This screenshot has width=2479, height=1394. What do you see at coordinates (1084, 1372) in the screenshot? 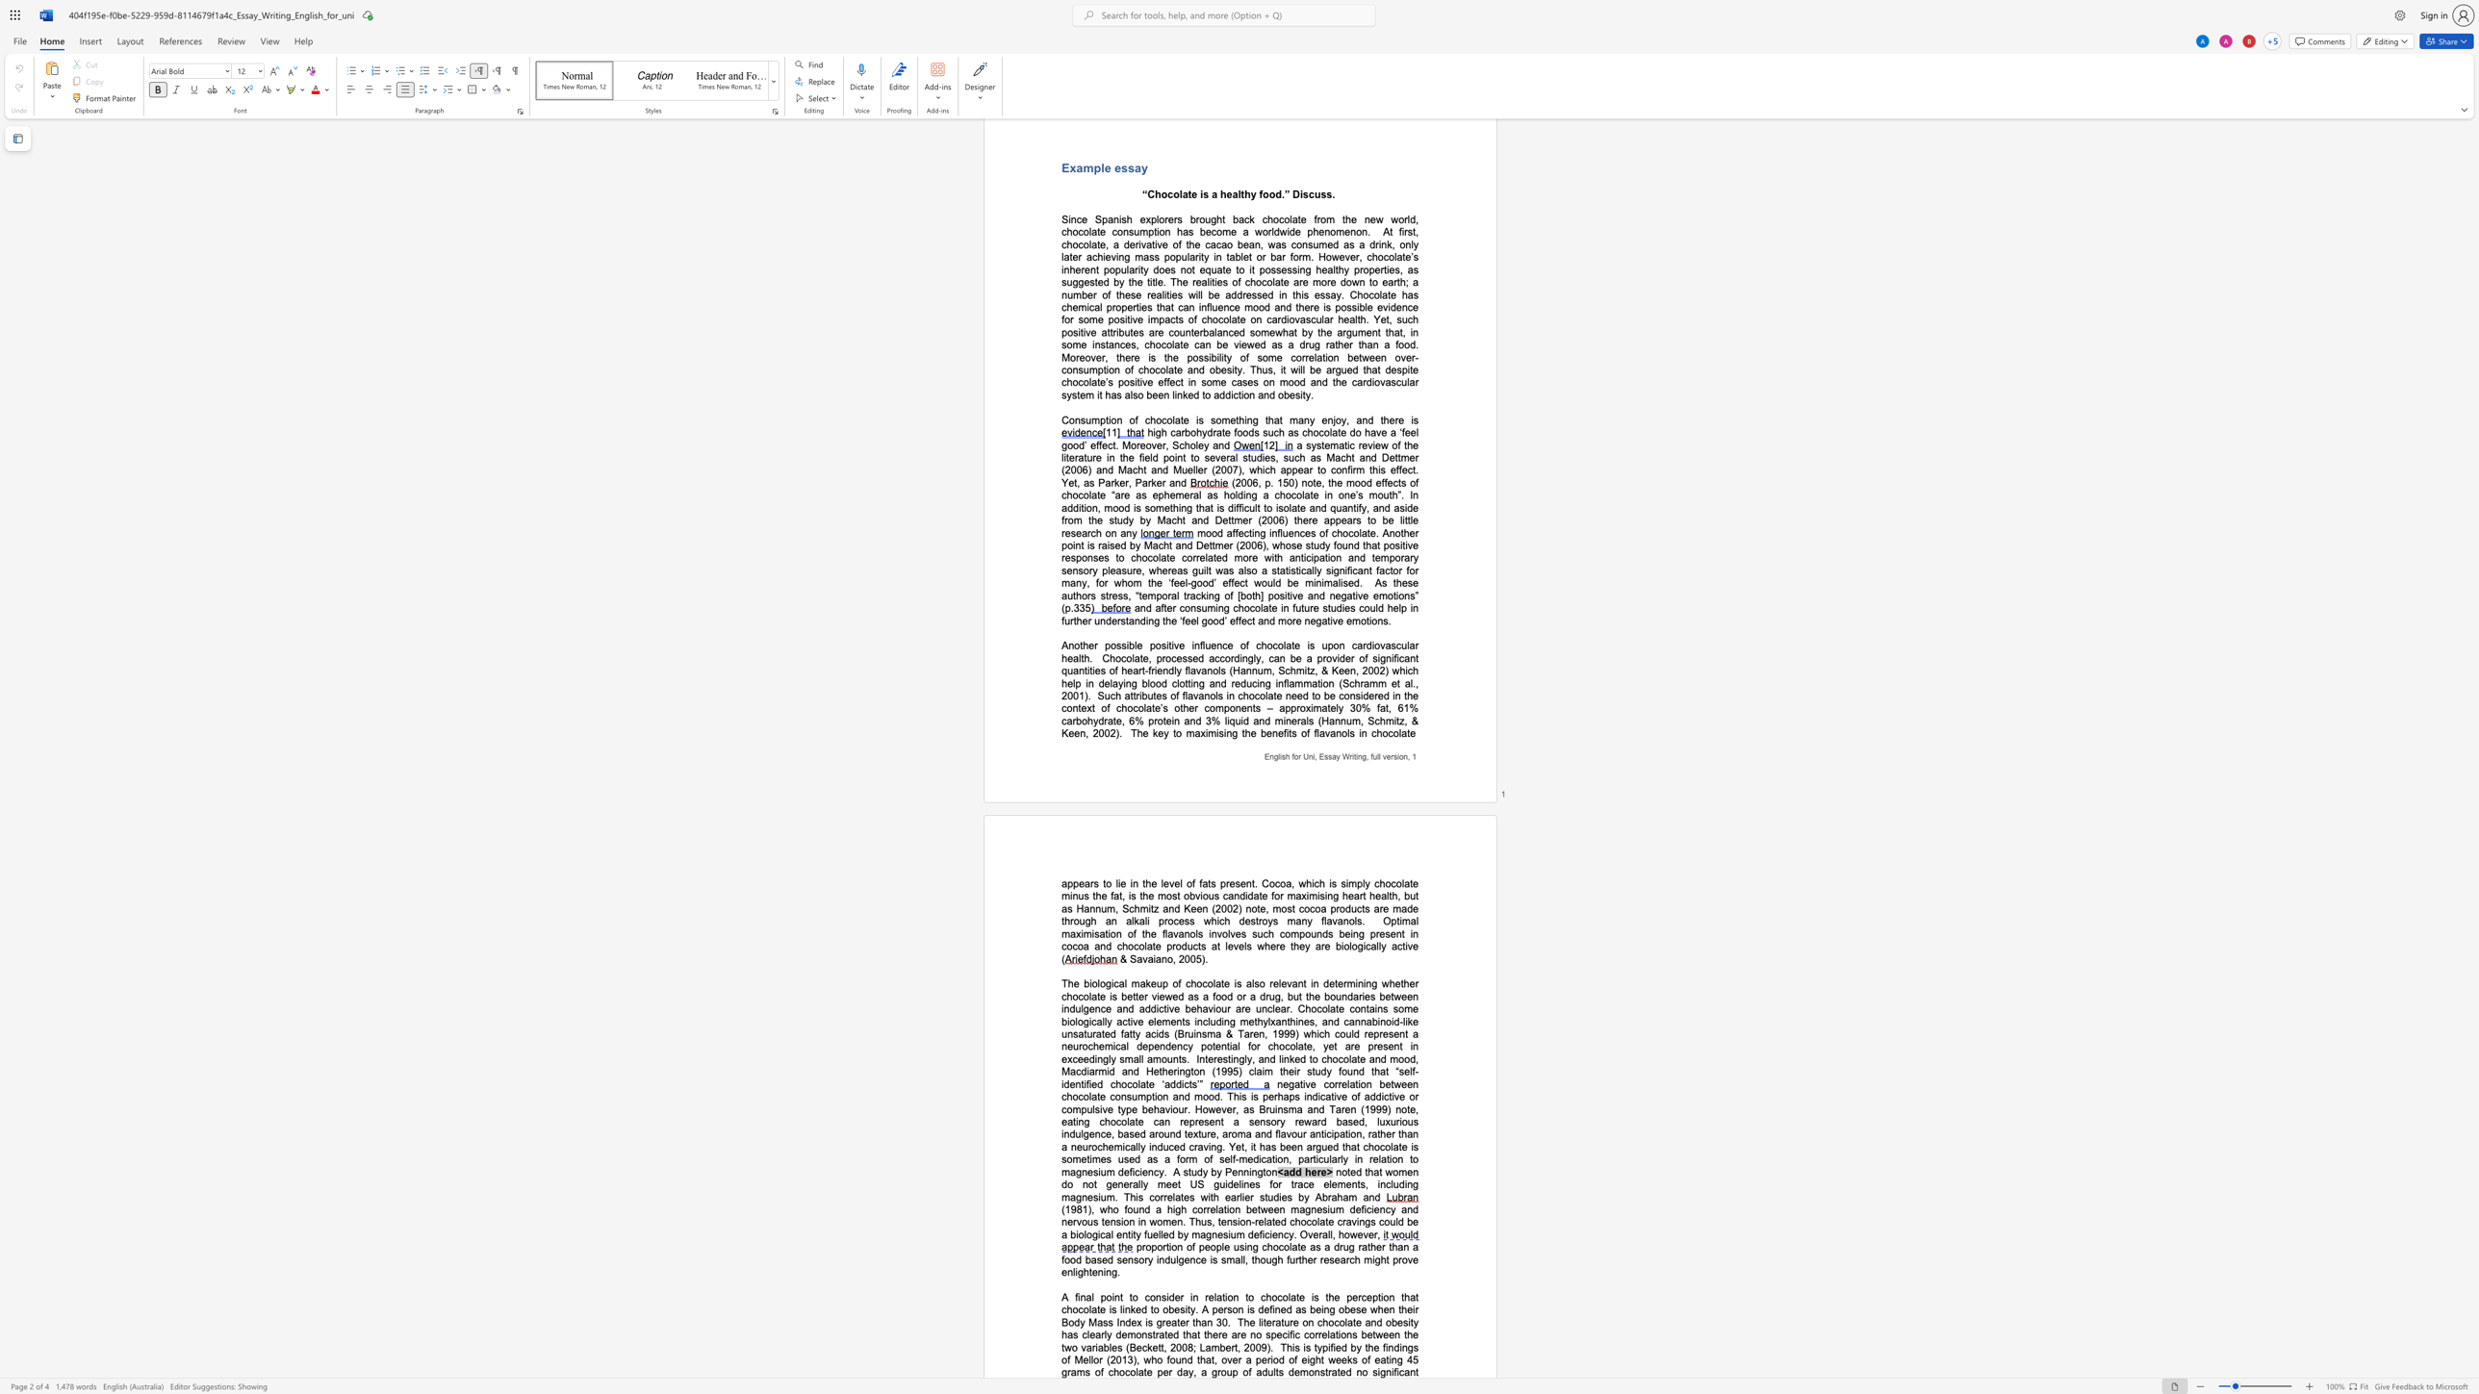
I see `the space between the continuous character "m" and "s" in the text` at bounding box center [1084, 1372].